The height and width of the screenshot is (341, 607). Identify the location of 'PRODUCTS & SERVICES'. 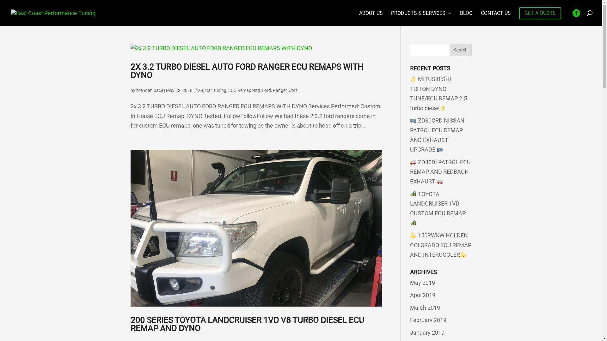
(391, 18).